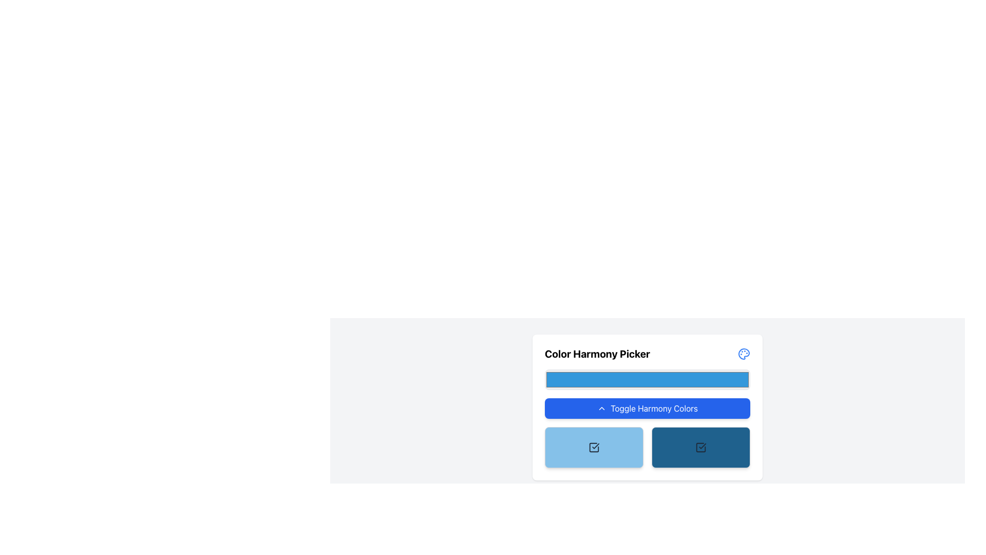 The height and width of the screenshot is (555, 986). I want to click on the checkbox visual indicator located within the dark blue card, which is the right-hand card in the row of the 'Color Harmony Picker' interface, so click(700, 447).